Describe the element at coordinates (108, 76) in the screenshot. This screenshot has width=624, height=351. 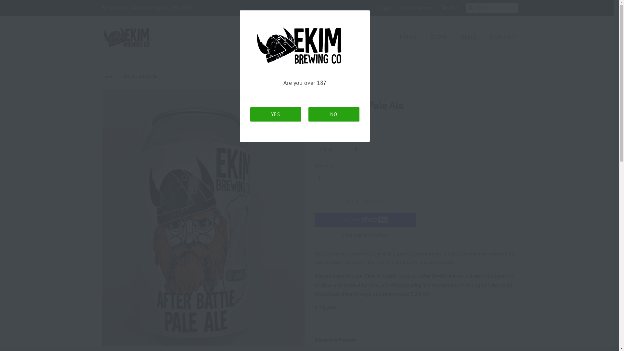
I see `'Home'` at that location.